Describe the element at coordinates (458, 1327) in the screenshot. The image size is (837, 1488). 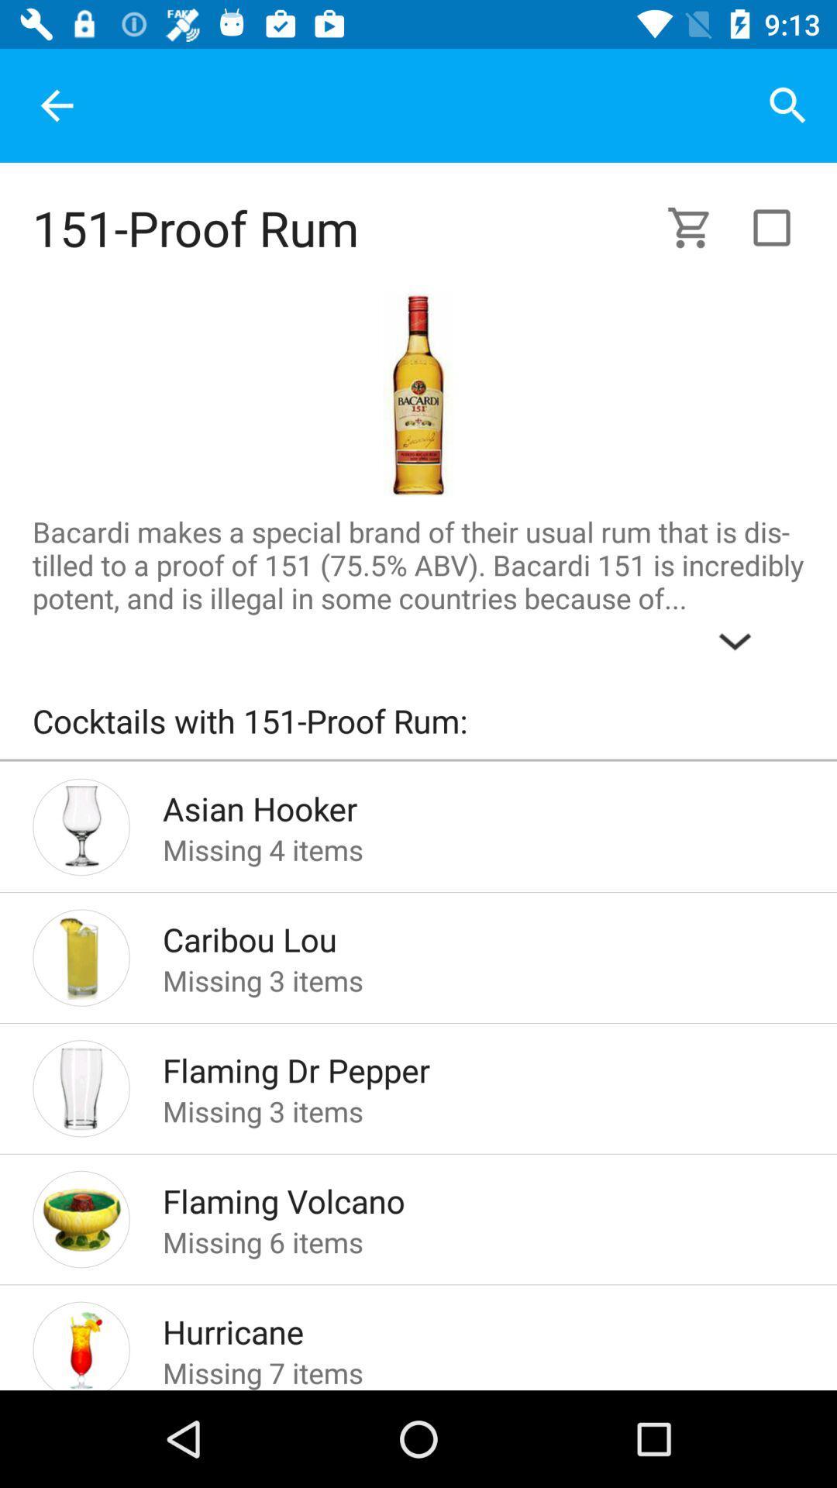
I see `icon above missing 7 items` at that location.